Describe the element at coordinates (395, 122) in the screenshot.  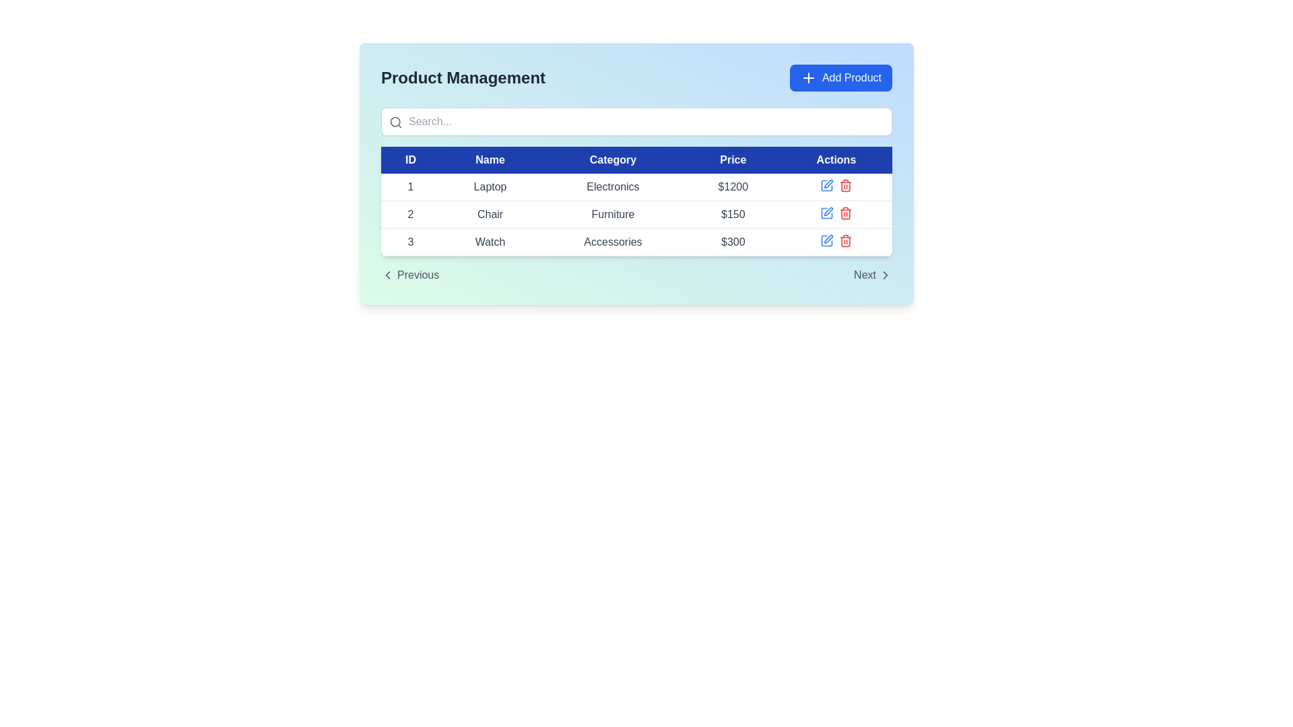
I see `the decorative or functional part of the magnifying glass icon located in the top-left corner of the search bar above the table` at that location.